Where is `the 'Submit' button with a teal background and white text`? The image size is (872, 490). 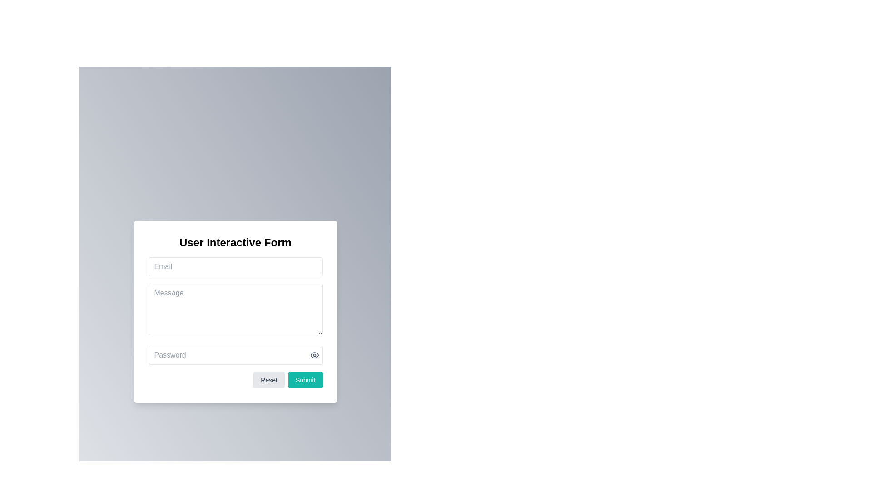
the 'Submit' button with a teal background and white text is located at coordinates (305, 380).